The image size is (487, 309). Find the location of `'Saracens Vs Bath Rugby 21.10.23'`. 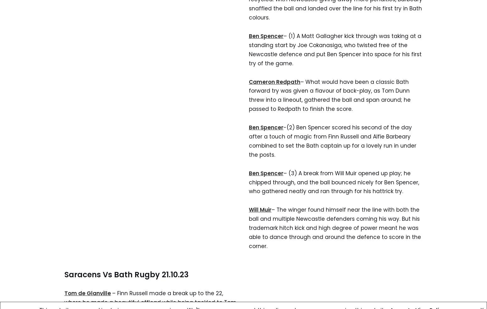

'Saracens Vs Bath Rugby 21.10.23' is located at coordinates (126, 274).